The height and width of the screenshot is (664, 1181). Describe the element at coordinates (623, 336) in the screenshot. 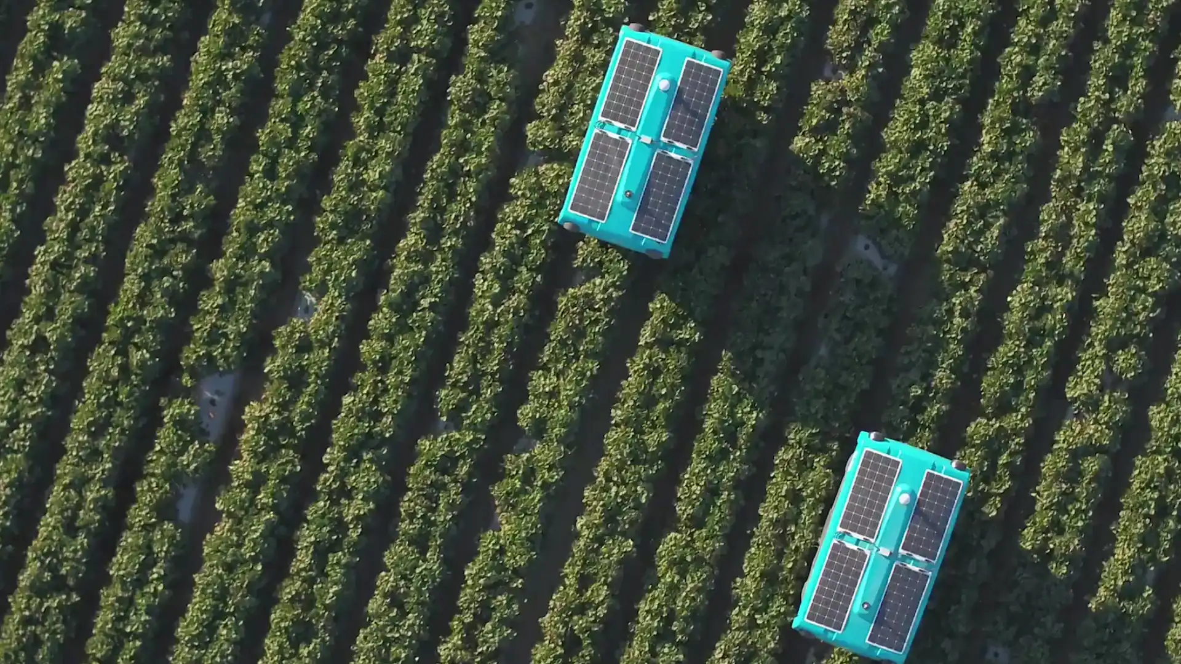

I see `Ten years of learning Over the course of 10 years, X learns a lot about some of the processes and cultural habits that help systematize innovation. For our 10th anniversary, we share the Gimbal  our internal guide to invention and innovation  alongside other tips for unleashing radical creativity that anyone can put into practice.` at that location.